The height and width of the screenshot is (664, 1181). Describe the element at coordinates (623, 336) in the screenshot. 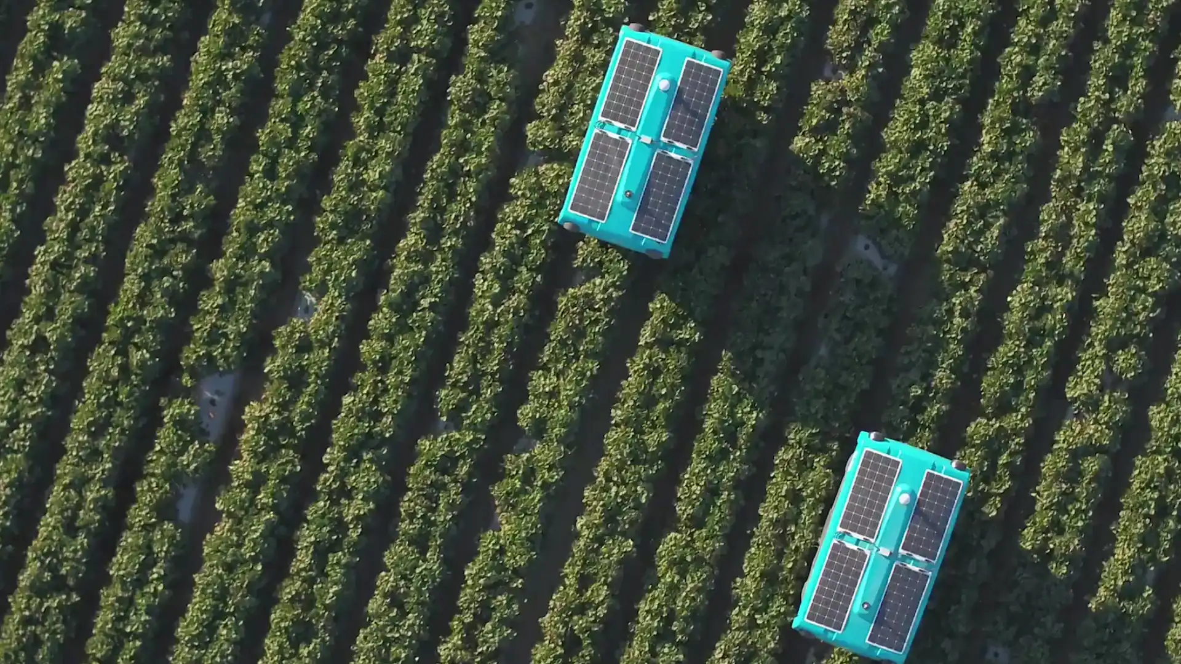

I see `Ten years of learning Over the course of 10 years, X learns a lot about some of the processes and cultural habits that help systematize innovation. For our 10th anniversary, we share the Gimbal  our internal guide to invention and innovation  alongside other tips for unleashing radical creativity that anyone can put into practice.` at that location.